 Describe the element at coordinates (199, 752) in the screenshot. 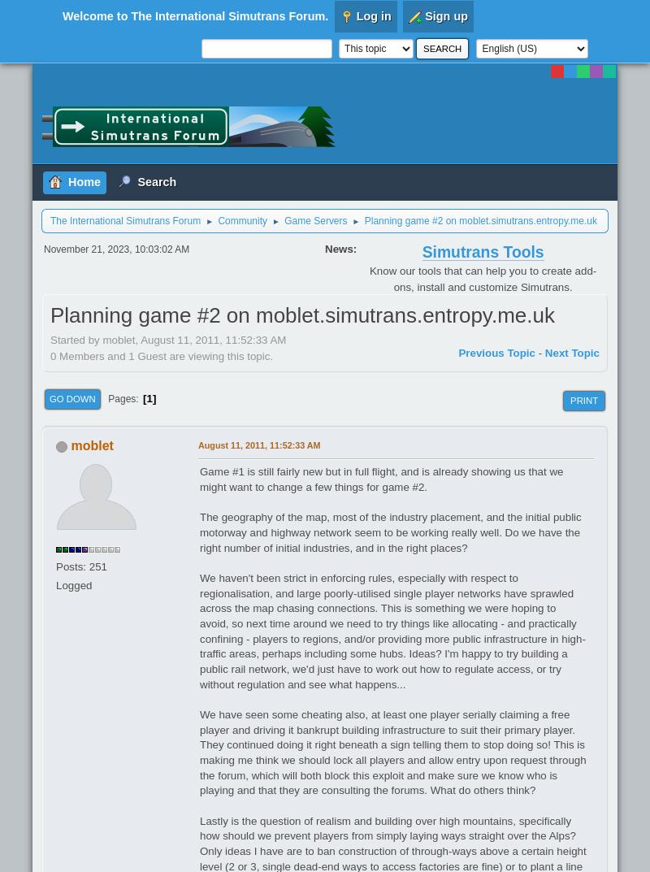

I see `'We have seen some cheating also, at least one player serially claiming a free player and driving it bankrupt building infrastructure to suit their primary player. They continued doing it right beneath a sign telling them to stop doing so! This is making me think we should lock all players and allow entry upon request through the forum, which will both block this exploit and make sure we know who is playing and that they are consulting the forums. What do others think?'` at that location.